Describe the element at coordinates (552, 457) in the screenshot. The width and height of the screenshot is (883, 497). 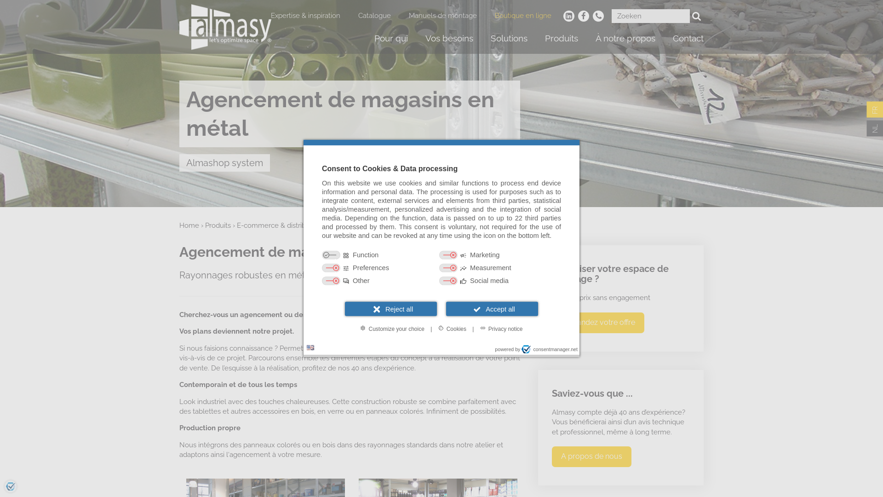
I see `'A propos de nous'` at that location.